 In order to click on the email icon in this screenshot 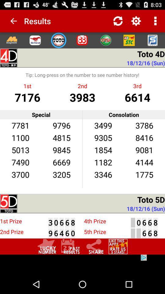, I will do `click(35, 43)`.